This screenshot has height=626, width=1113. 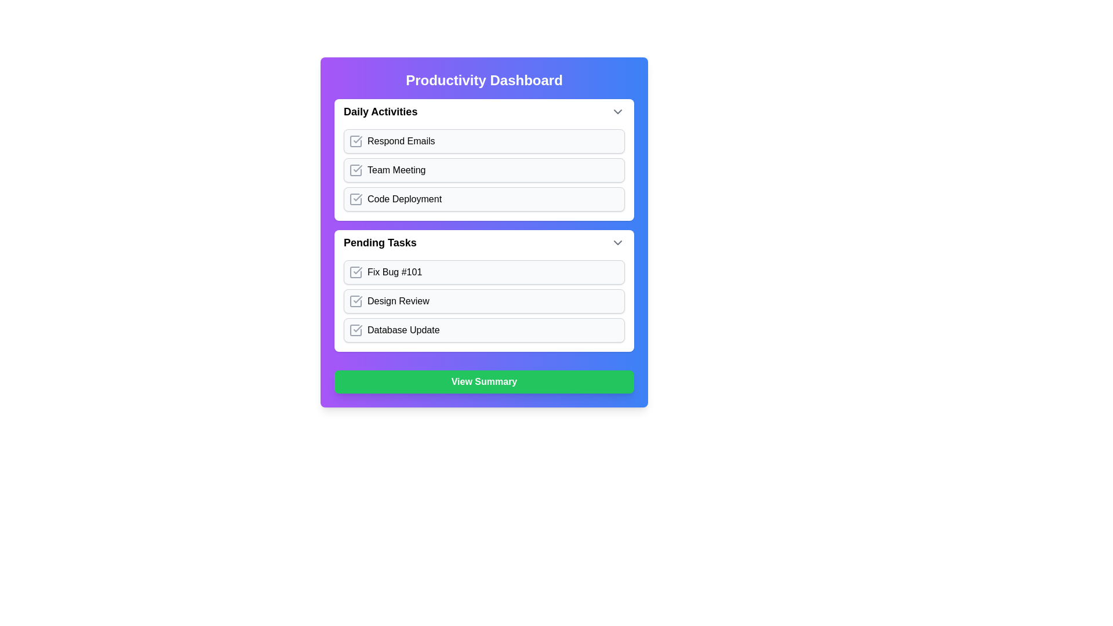 I want to click on the decorative checkbox icon filled with gray color and a checkmark, located to the left of the text 'Code Deployment' under the 'Daily Activities' section, so click(x=355, y=198).